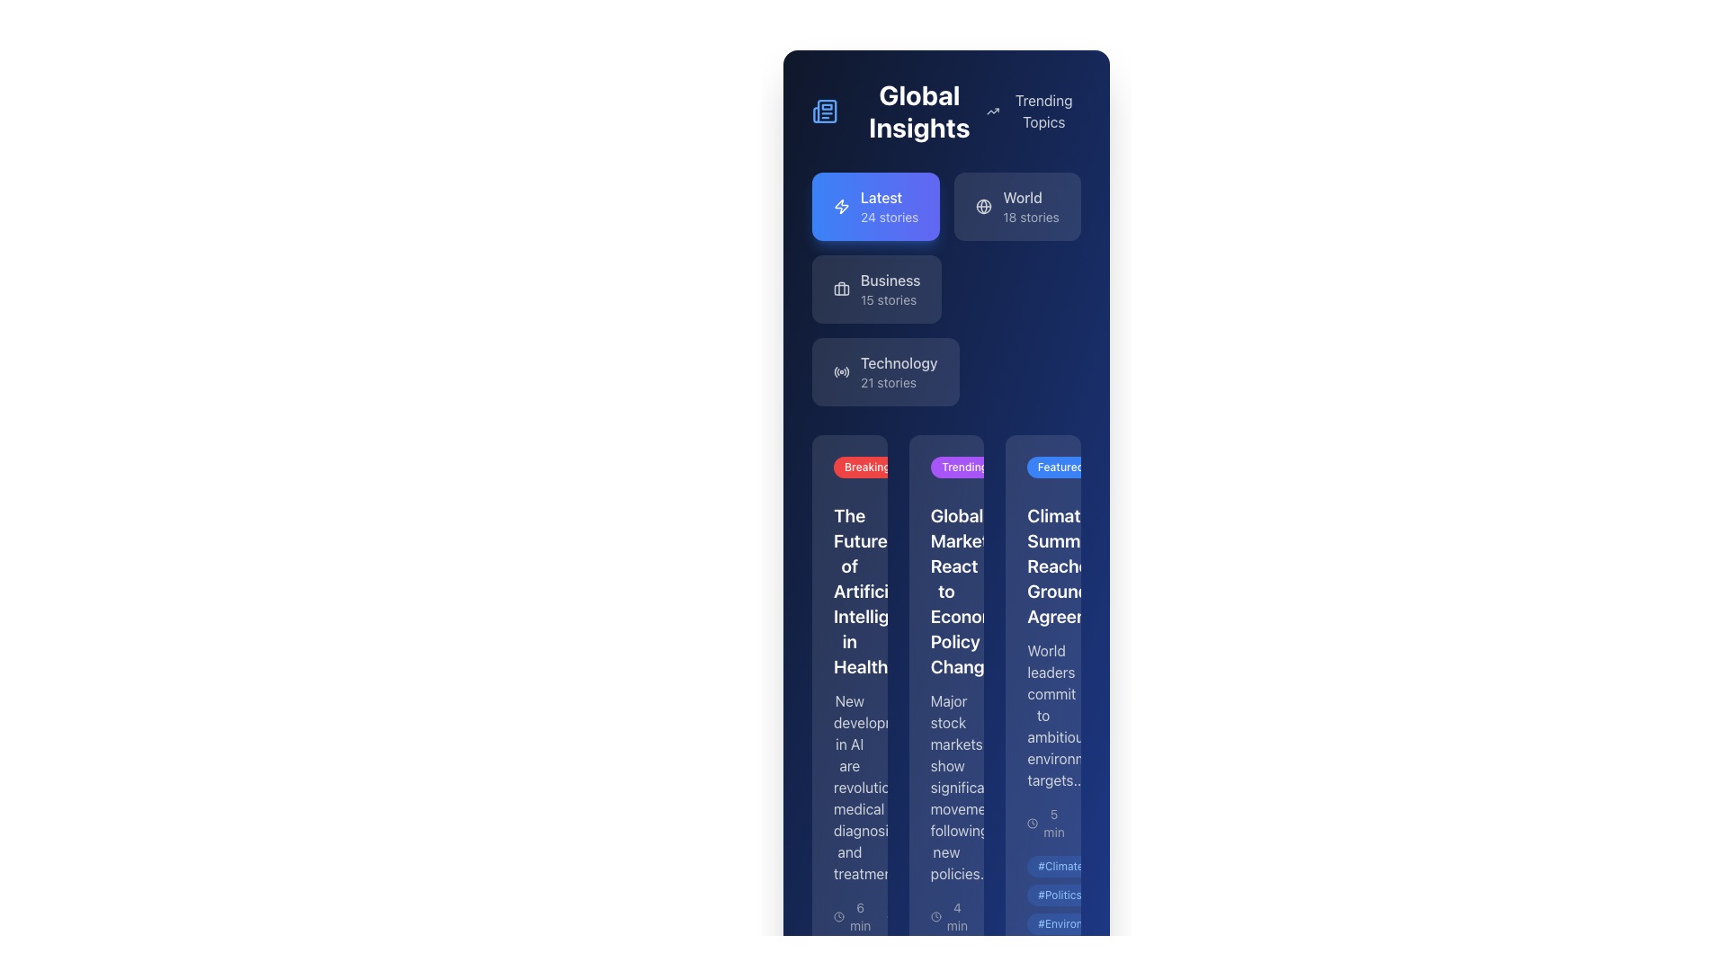 The image size is (1727, 971). What do you see at coordinates (945, 592) in the screenshot?
I see `the headline text element located in the second column of a card layout, positioned below the 'Trending' label and above the descriptive text about stock markets` at bounding box center [945, 592].